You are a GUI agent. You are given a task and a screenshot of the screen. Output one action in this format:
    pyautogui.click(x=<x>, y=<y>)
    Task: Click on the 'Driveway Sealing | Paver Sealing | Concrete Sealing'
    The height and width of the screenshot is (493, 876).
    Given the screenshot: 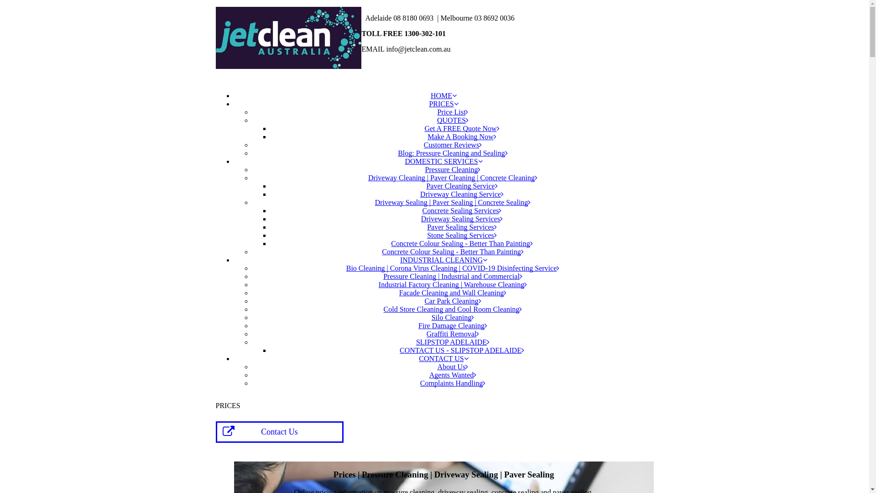 What is the action you would take?
    pyautogui.click(x=453, y=202)
    